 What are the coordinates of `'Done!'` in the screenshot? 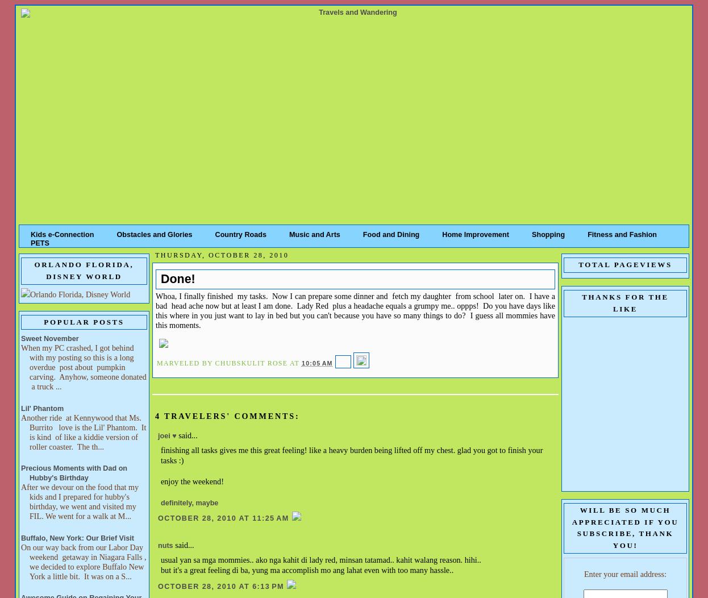 It's located at (177, 278).